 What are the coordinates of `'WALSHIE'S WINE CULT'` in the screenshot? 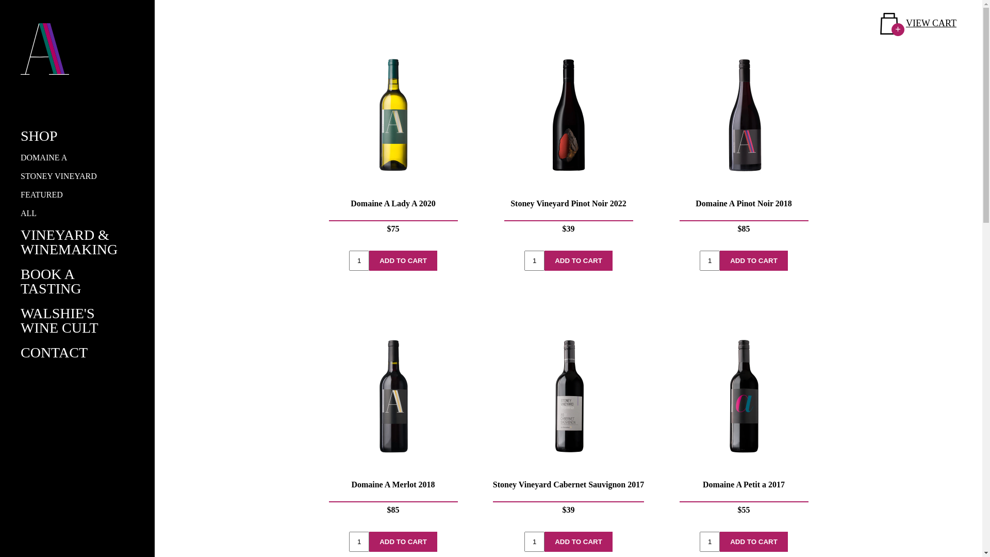 It's located at (59, 320).